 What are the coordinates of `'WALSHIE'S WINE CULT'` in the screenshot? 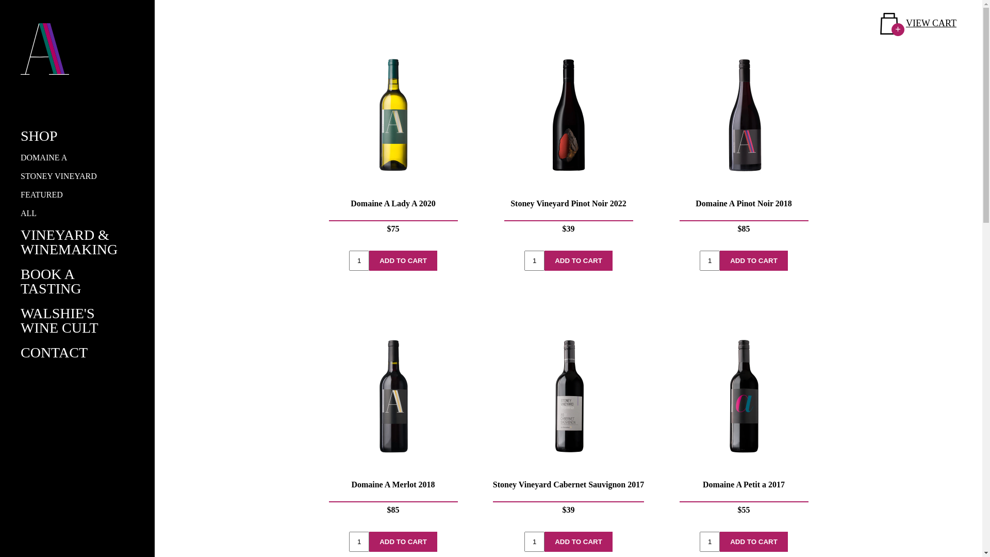 It's located at (59, 320).